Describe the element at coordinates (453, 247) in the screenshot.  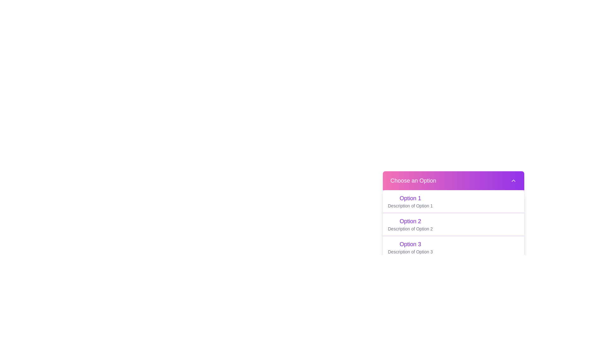
I see `the List item in the dropdown menu labeled 'Option 3'` at that location.